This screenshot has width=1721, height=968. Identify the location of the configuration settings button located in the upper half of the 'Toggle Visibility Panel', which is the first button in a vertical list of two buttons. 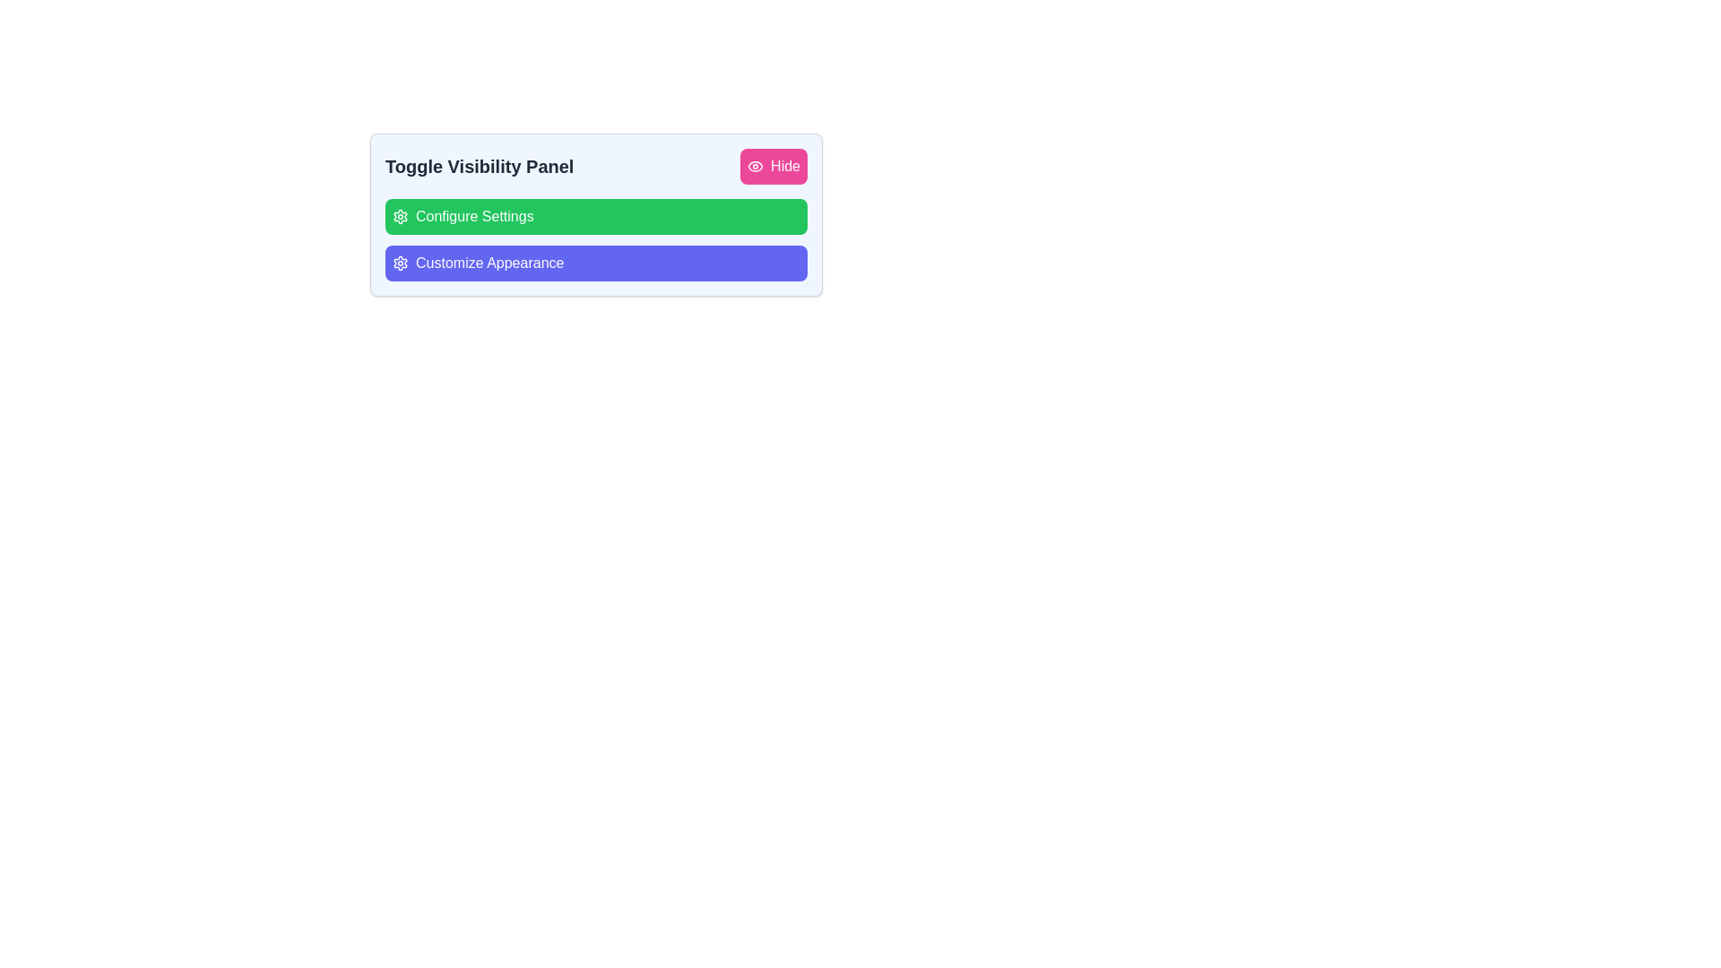
(596, 216).